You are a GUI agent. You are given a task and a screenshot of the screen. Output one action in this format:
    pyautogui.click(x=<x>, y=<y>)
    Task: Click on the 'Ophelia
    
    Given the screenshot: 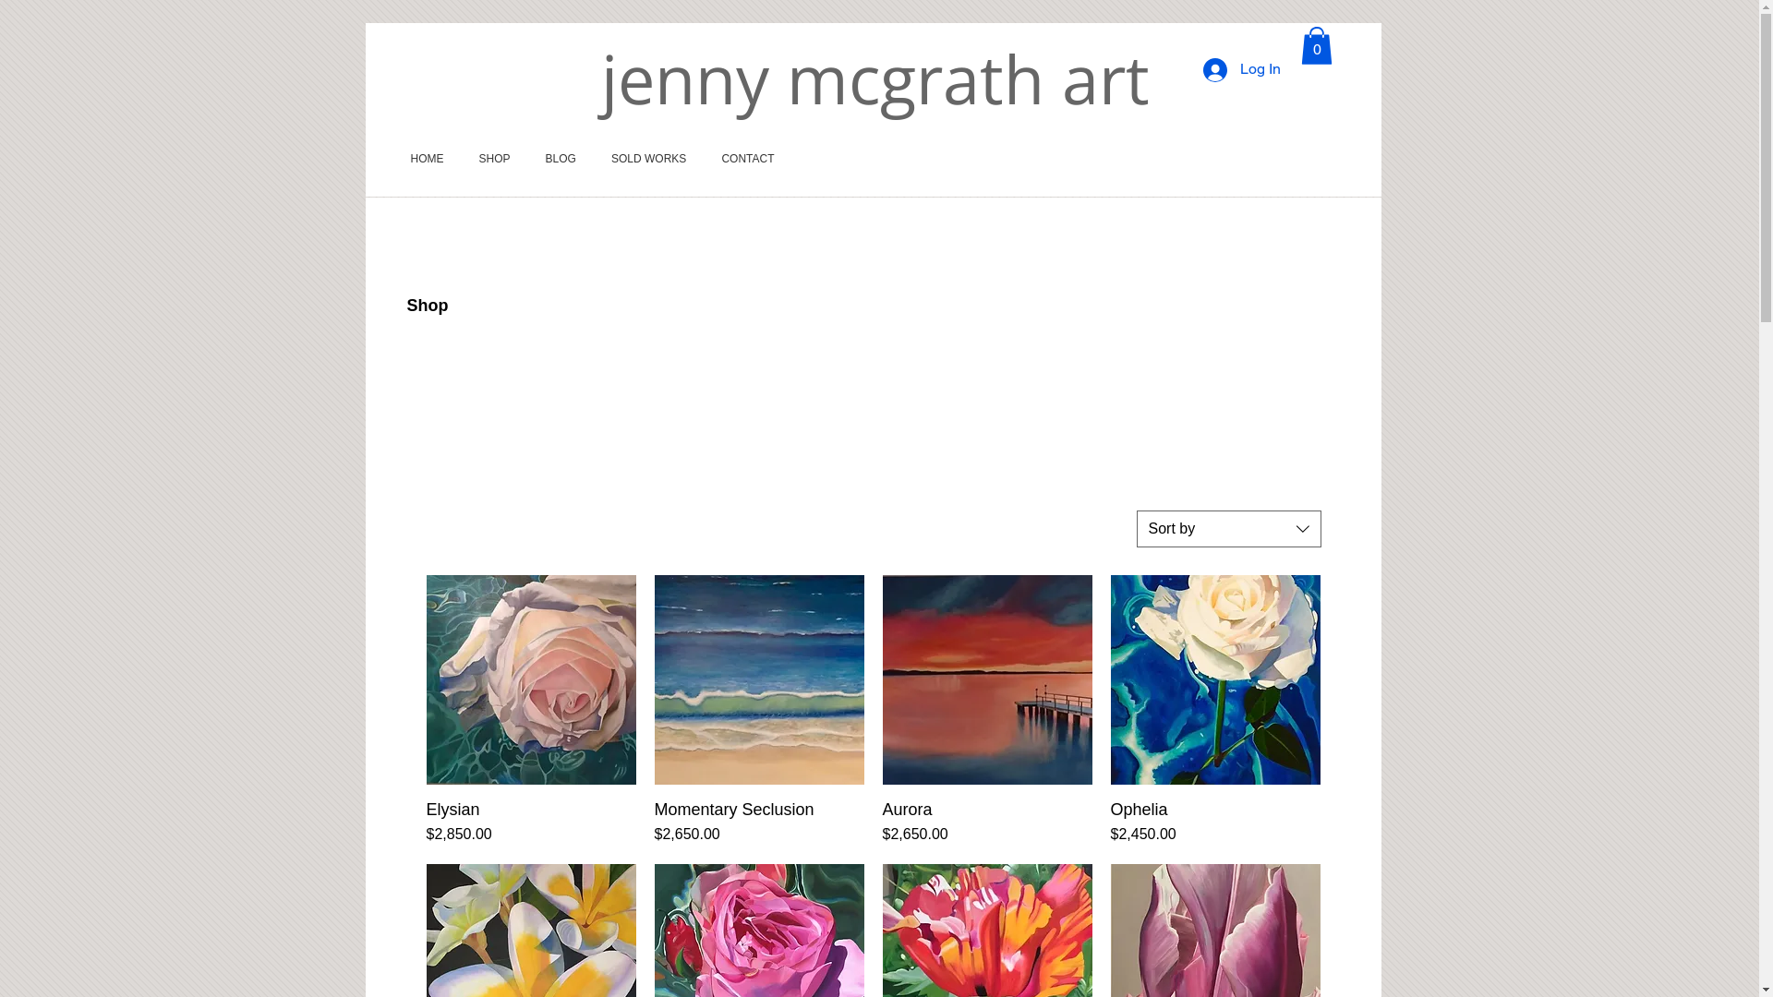 What is the action you would take?
    pyautogui.click(x=1214, y=822)
    